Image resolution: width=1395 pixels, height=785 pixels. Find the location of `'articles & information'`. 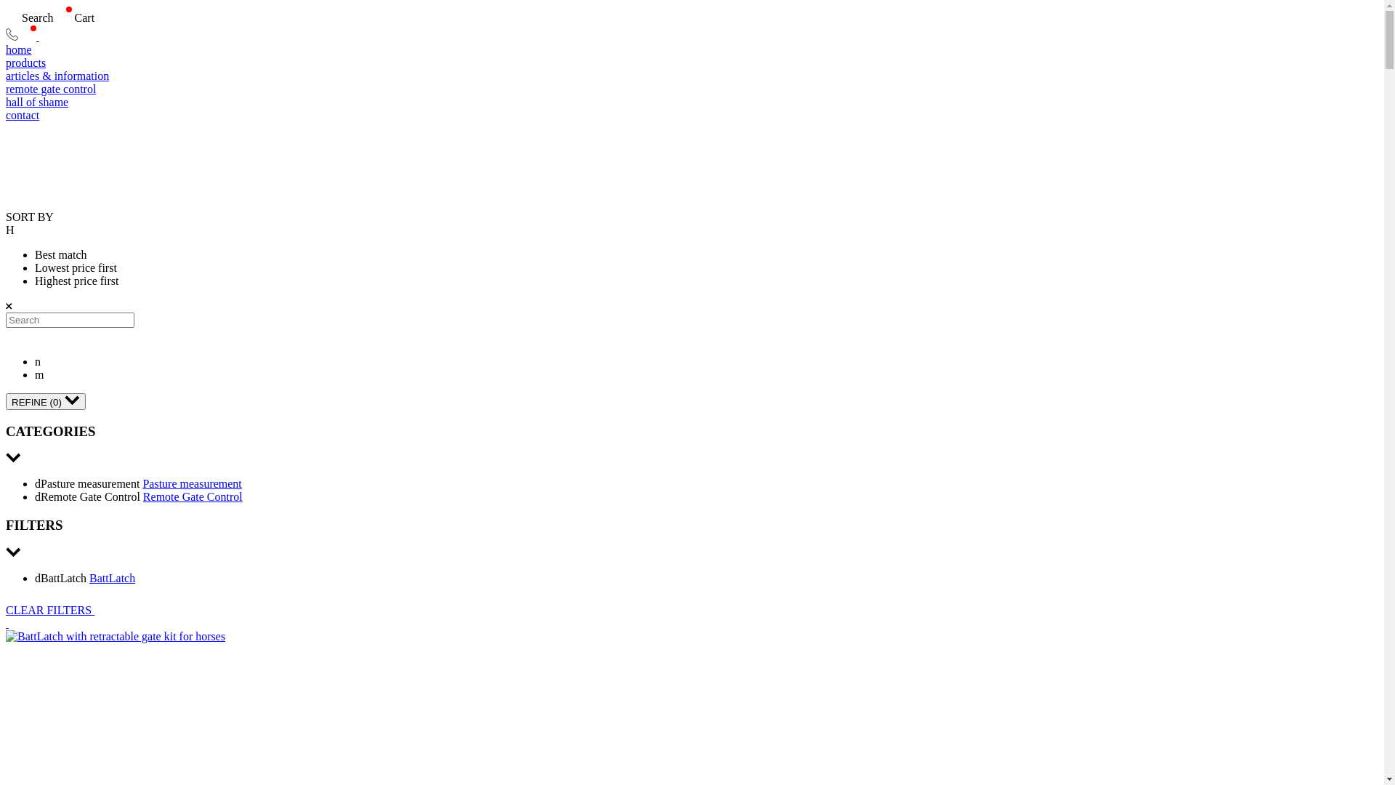

'articles & information' is located at coordinates (691, 76).